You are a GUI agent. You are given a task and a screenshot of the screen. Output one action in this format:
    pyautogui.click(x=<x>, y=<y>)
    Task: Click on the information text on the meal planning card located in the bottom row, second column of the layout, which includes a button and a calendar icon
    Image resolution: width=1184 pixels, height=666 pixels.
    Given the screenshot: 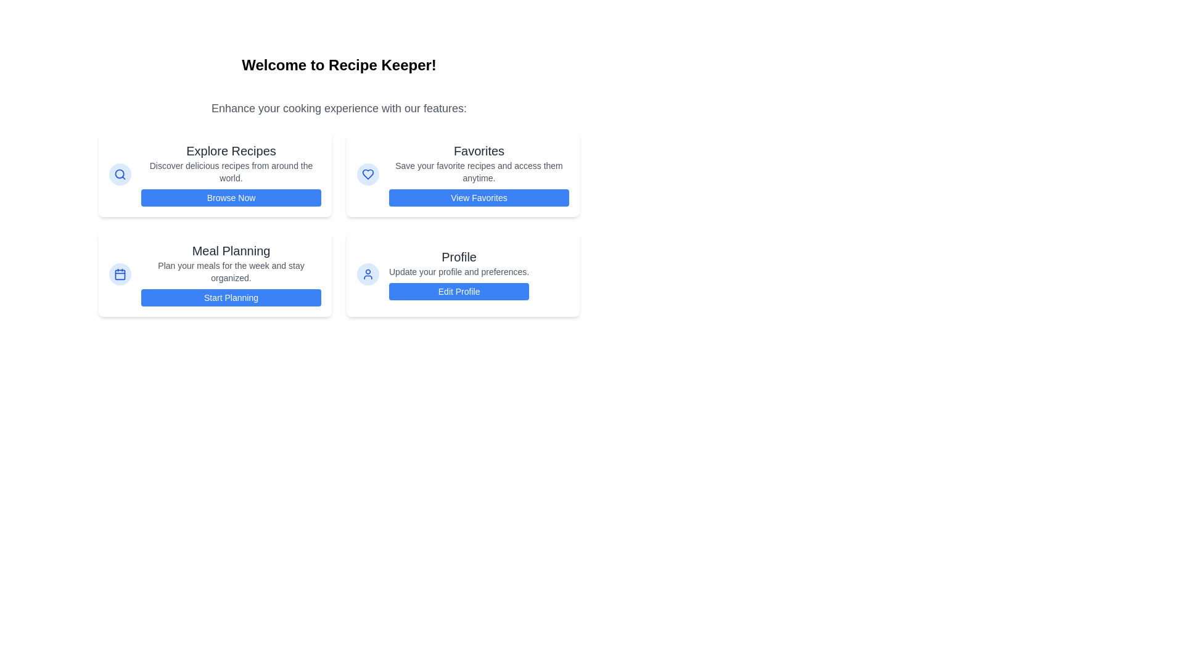 What is the action you would take?
    pyautogui.click(x=231, y=273)
    